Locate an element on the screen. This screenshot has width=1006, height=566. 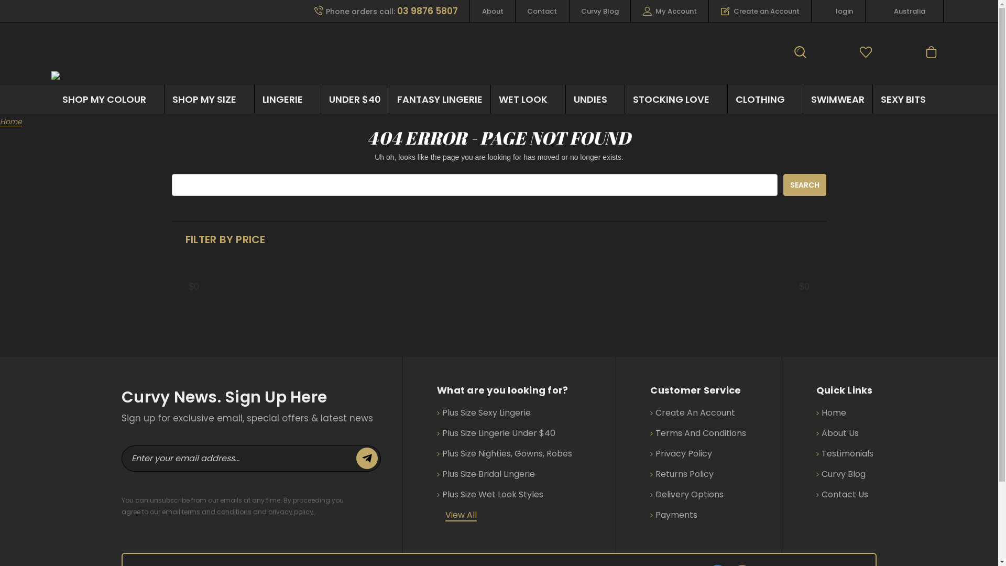
'Curvy Blog' is located at coordinates (840, 474).